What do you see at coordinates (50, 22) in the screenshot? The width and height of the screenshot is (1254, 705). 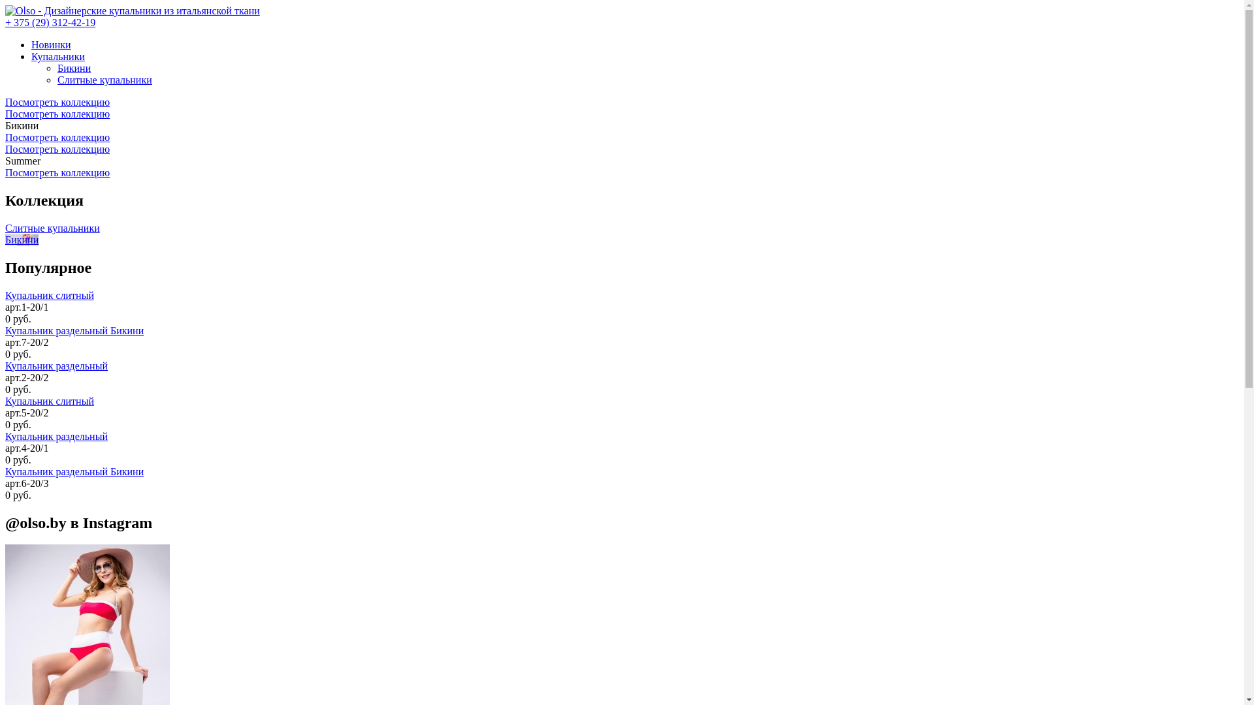 I see `'+ 375 (29) 312-42-19'` at bounding box center [50, 22].